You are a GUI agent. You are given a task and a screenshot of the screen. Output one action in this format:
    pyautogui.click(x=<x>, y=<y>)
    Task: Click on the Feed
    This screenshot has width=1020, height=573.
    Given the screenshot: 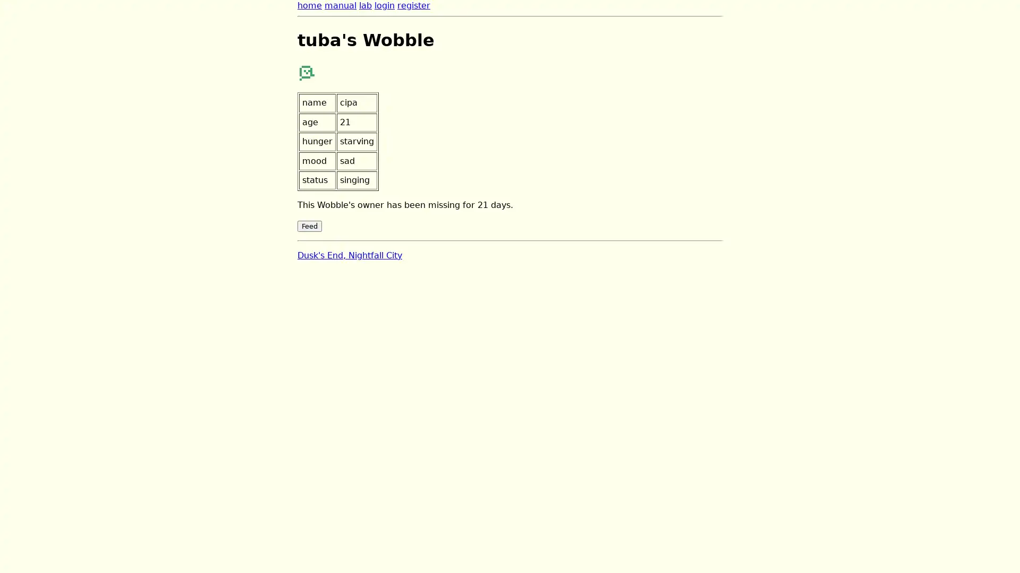 What is the action you would take?
    pyautogui.click(x=309, y=225)
    